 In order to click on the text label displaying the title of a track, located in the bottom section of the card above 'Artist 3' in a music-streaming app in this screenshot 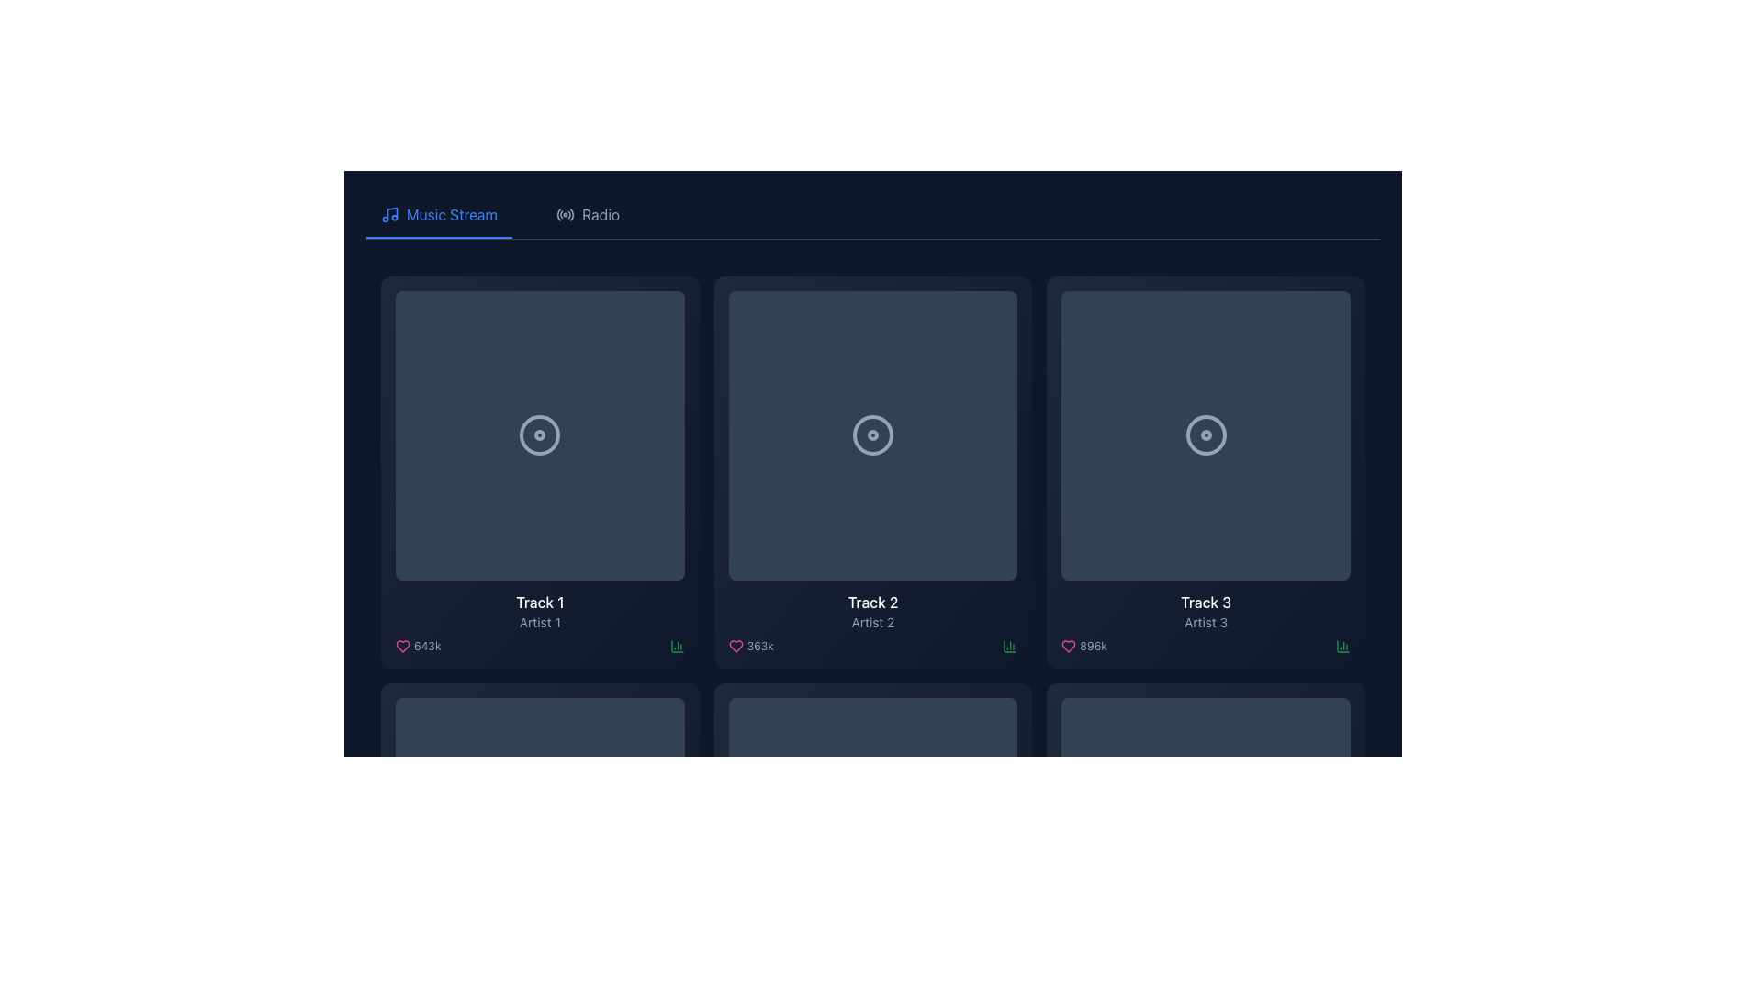, I will do `click(1206, 602)`.